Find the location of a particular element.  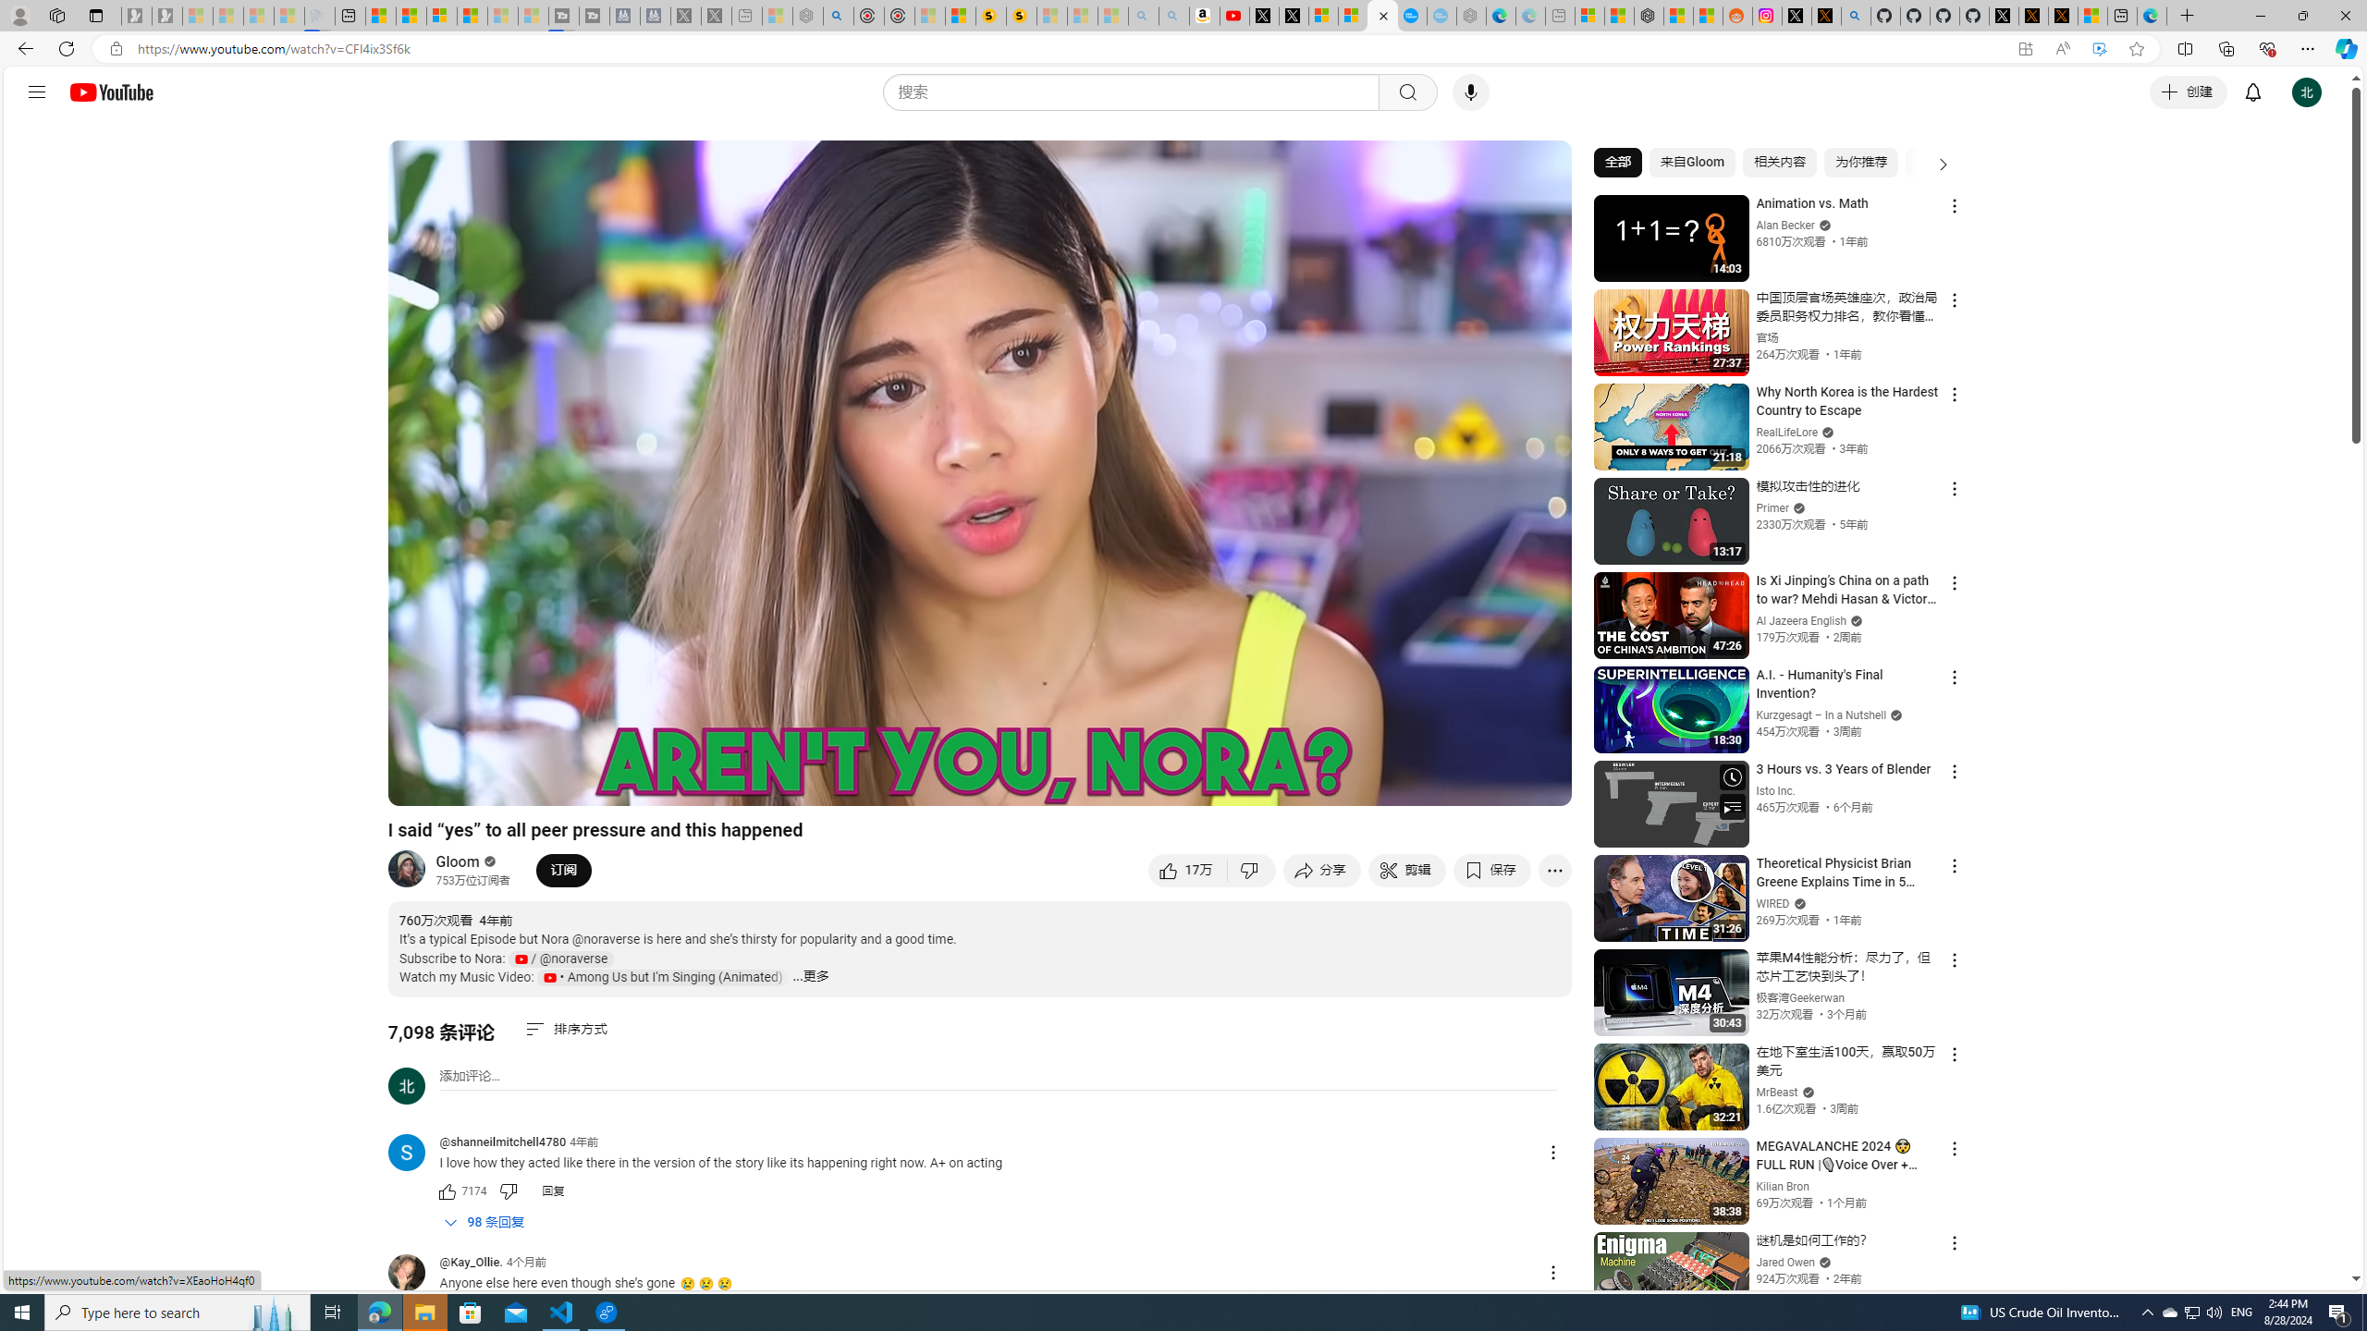

'poe - Search' is located at coordinates (838, 15).